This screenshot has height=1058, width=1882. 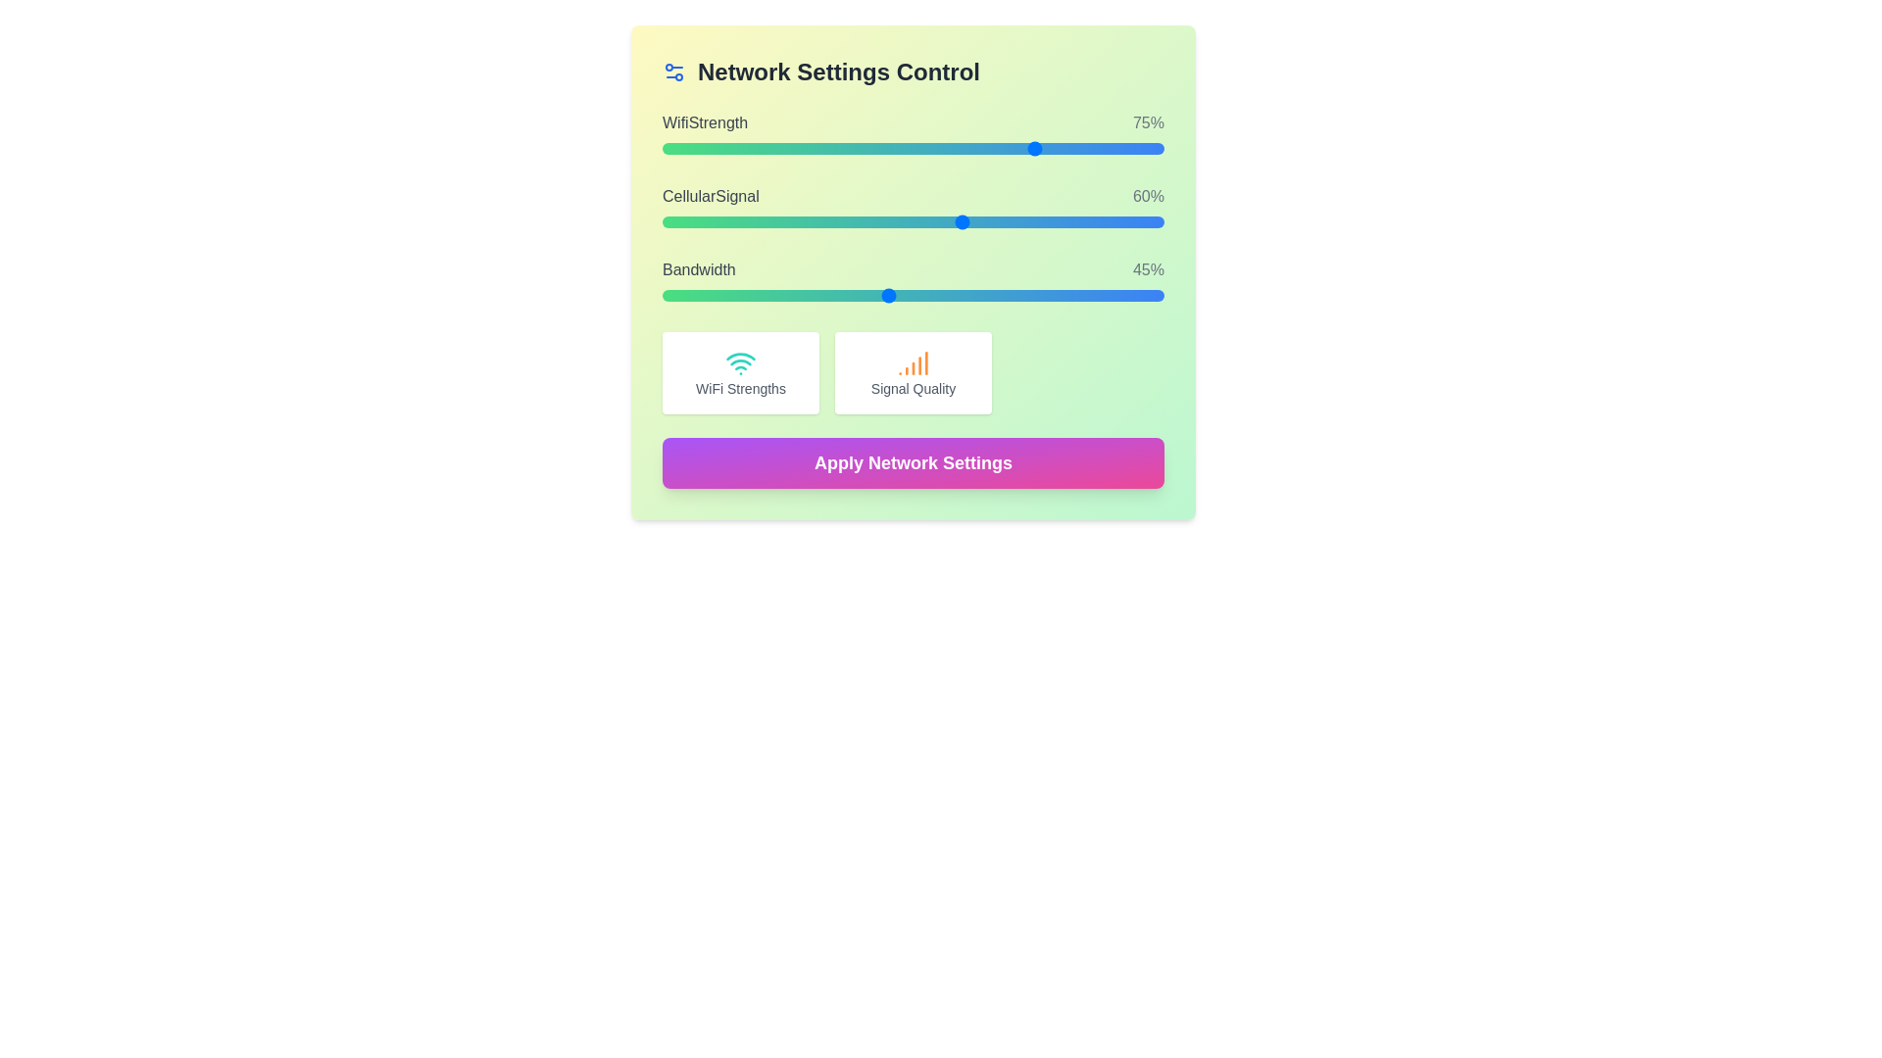 What do you see at coordinates (1009, 295) in the screenshot?
I see `the Bandwidth slider` at bounding box center [1009, 295].